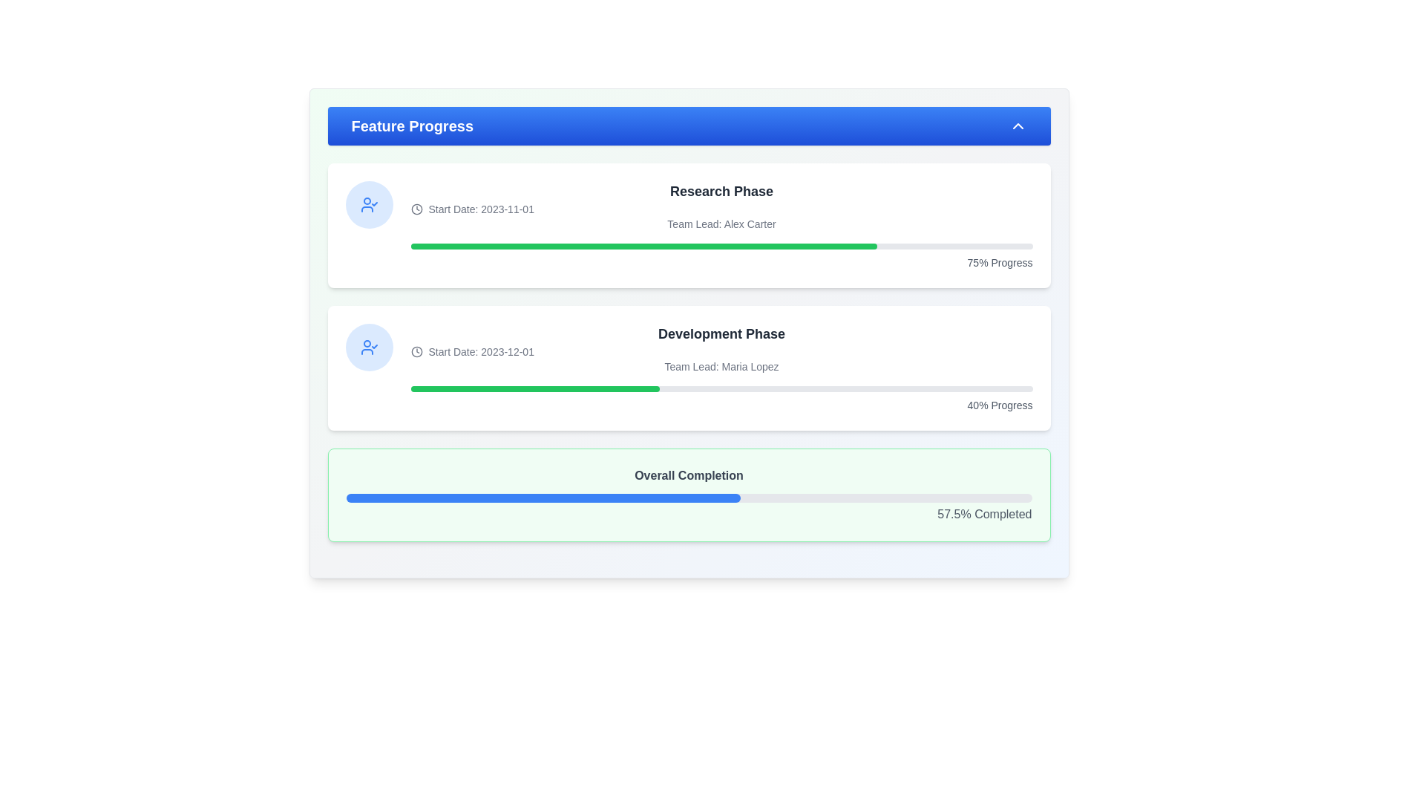  What do you see at coordinates (369, 347) in the screenshot?
I see `the circular icon with a blue background and user-checkmark symbol located at the top-left corner of the 'Development Phase' card` at bounding box center [369, 347].